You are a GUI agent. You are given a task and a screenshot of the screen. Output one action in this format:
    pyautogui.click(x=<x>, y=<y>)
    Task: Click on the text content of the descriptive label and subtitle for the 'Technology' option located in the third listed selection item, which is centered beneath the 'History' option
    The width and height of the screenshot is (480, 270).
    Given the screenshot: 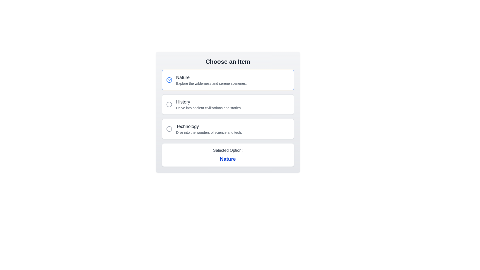 What is the action you would take?
    pyautogui.click(x=209, y=129)
    